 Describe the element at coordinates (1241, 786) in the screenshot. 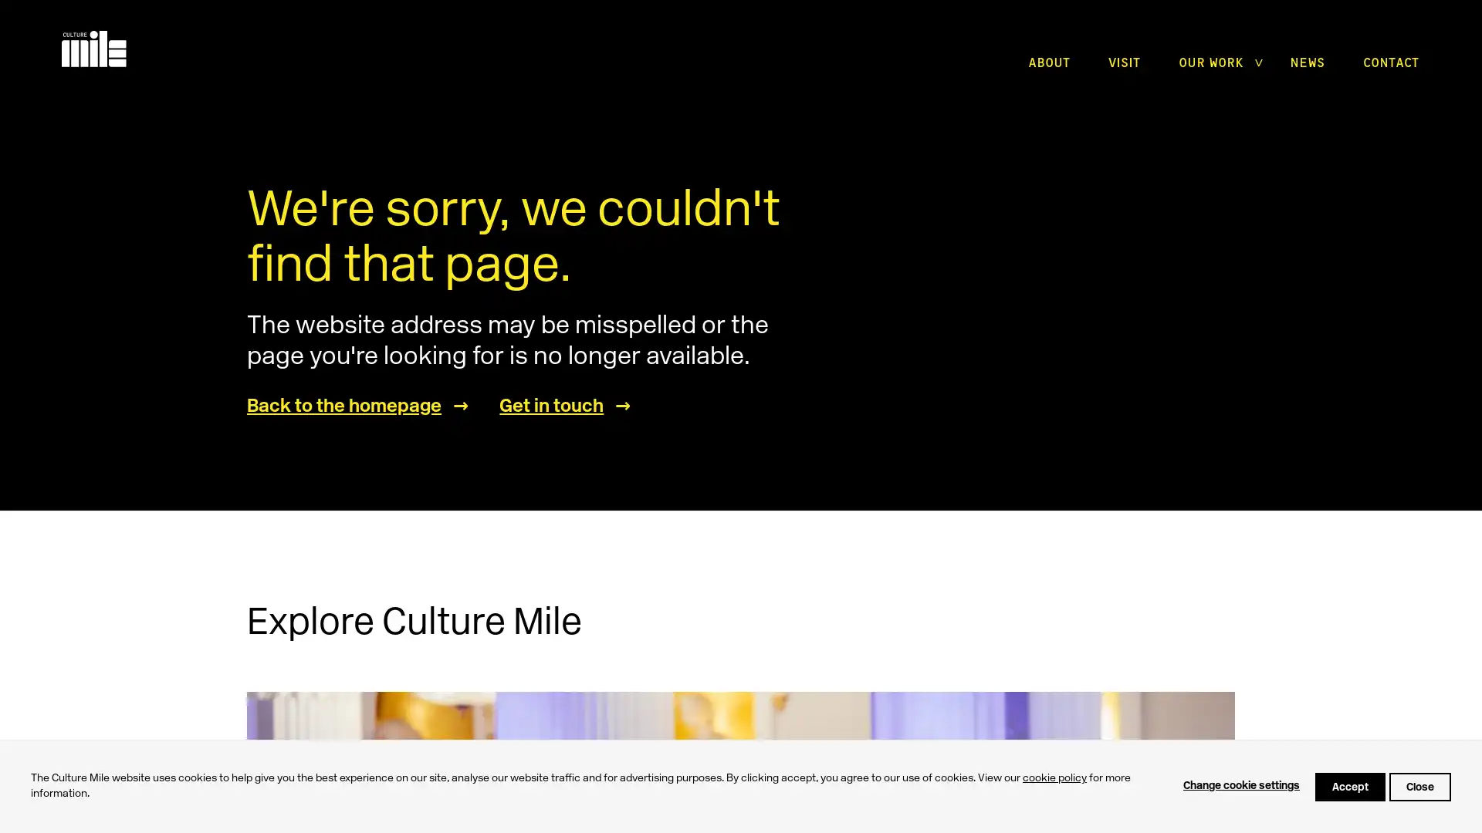

I see `Change cookie settings` at that location.